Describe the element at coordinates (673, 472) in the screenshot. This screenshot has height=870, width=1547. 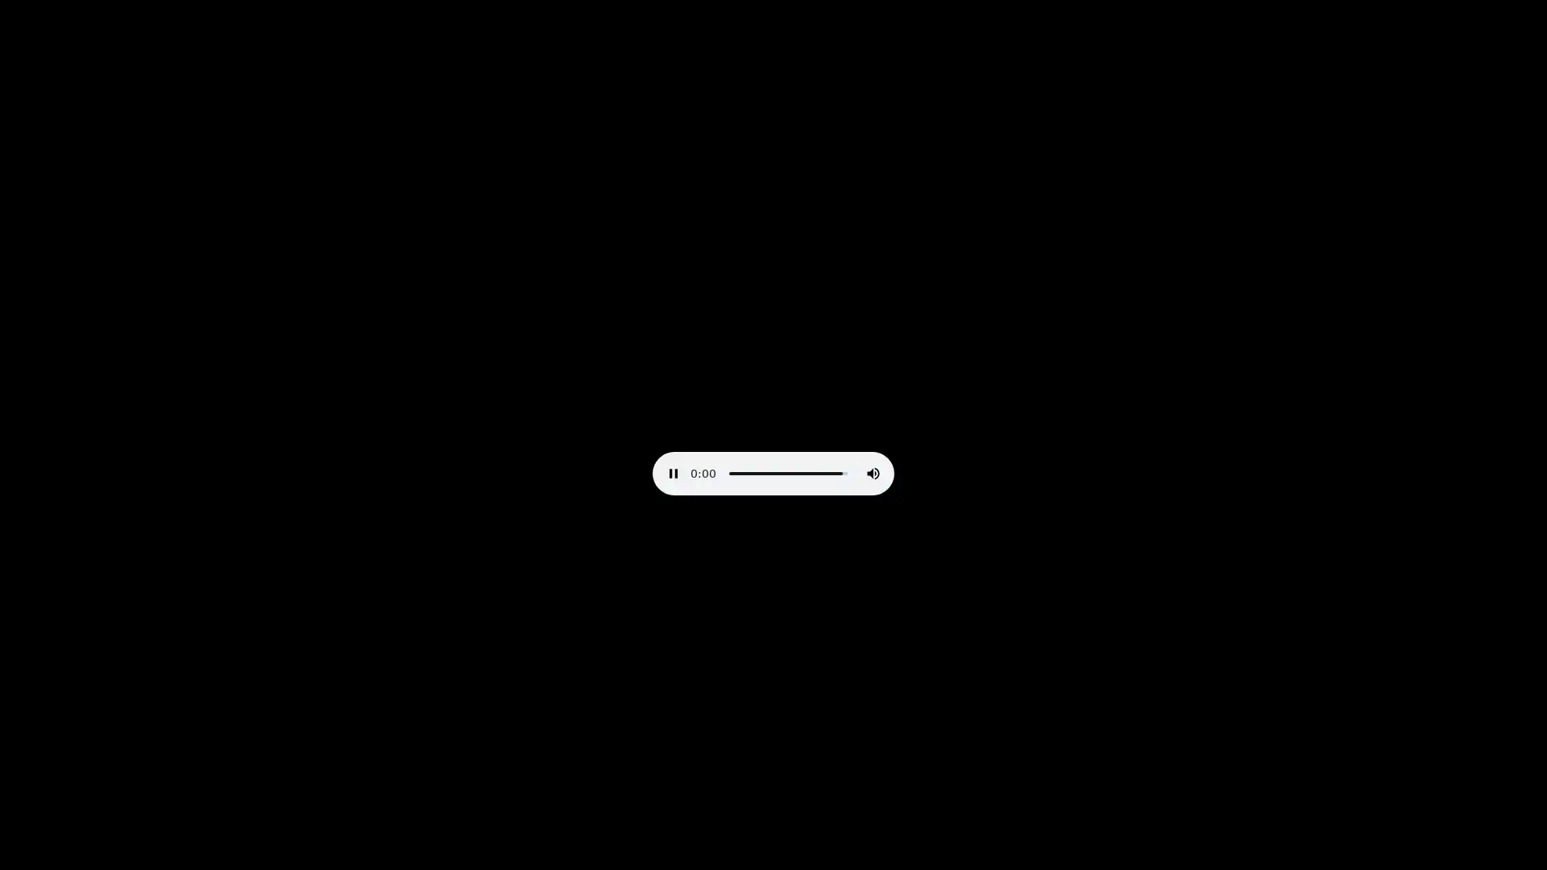
I see `pause` at that location.